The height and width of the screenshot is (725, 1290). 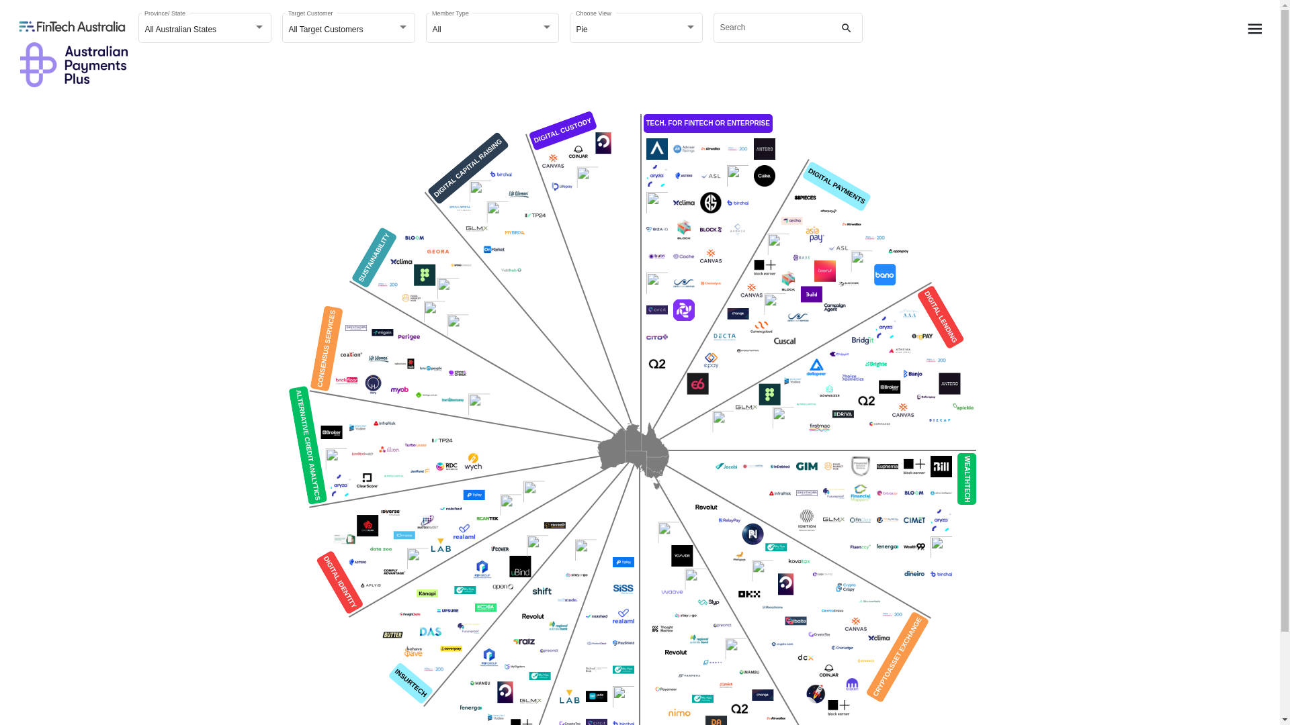 What do you see at coordinates (447, 611) in the screenshot?
I see `'Hubspoke Insurance Pty Ltd T/As Upsure'` at bounding box center [447, 611].